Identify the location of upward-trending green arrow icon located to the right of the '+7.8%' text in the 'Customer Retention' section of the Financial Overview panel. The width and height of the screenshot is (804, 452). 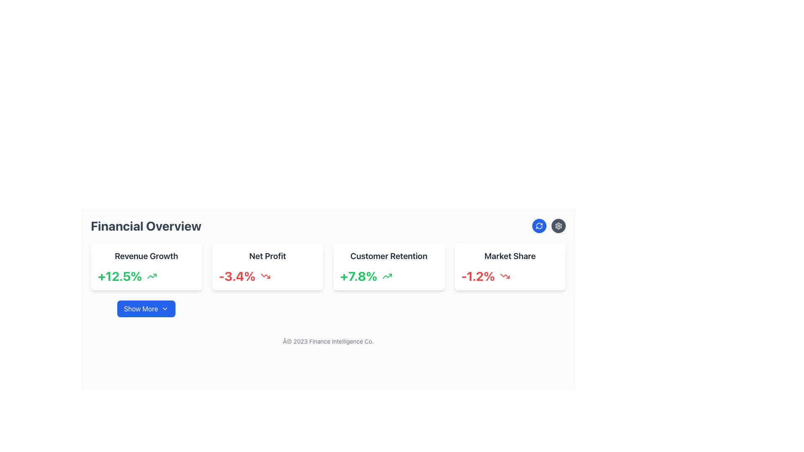
(387, 276).